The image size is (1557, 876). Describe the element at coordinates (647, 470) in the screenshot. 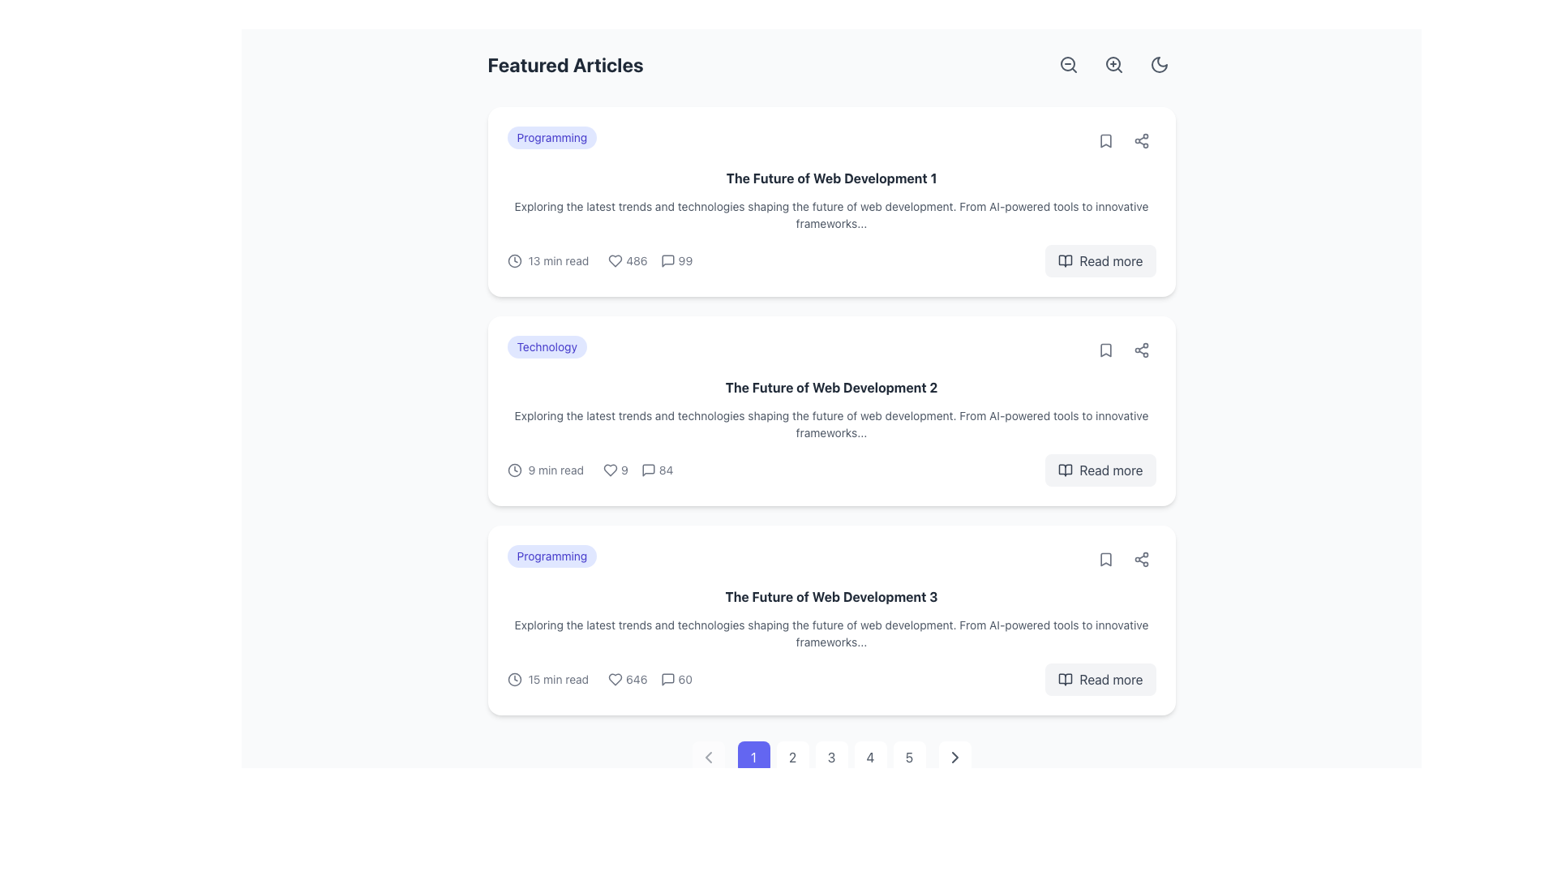

I see `the compact, simplified speech bubble icon styled in a line-art fashion, which is part of the metadata of the second featured article and is located in the third column of the second row of the main content section` at that location.